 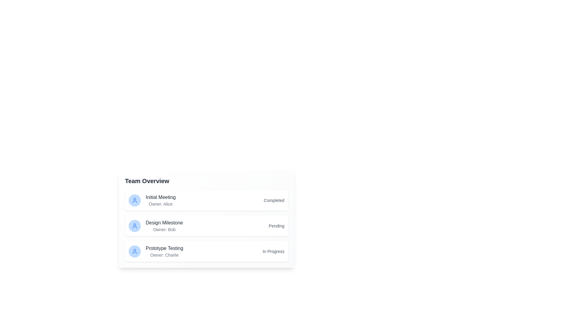 What do you see at coordinates (134, 251) in the screenshot?
I see `the user icon representing the participant associated with the 'Prototype Testing' section, located to the left of the text 'Owner: Charlie.'` at bounding box center [134, 251].